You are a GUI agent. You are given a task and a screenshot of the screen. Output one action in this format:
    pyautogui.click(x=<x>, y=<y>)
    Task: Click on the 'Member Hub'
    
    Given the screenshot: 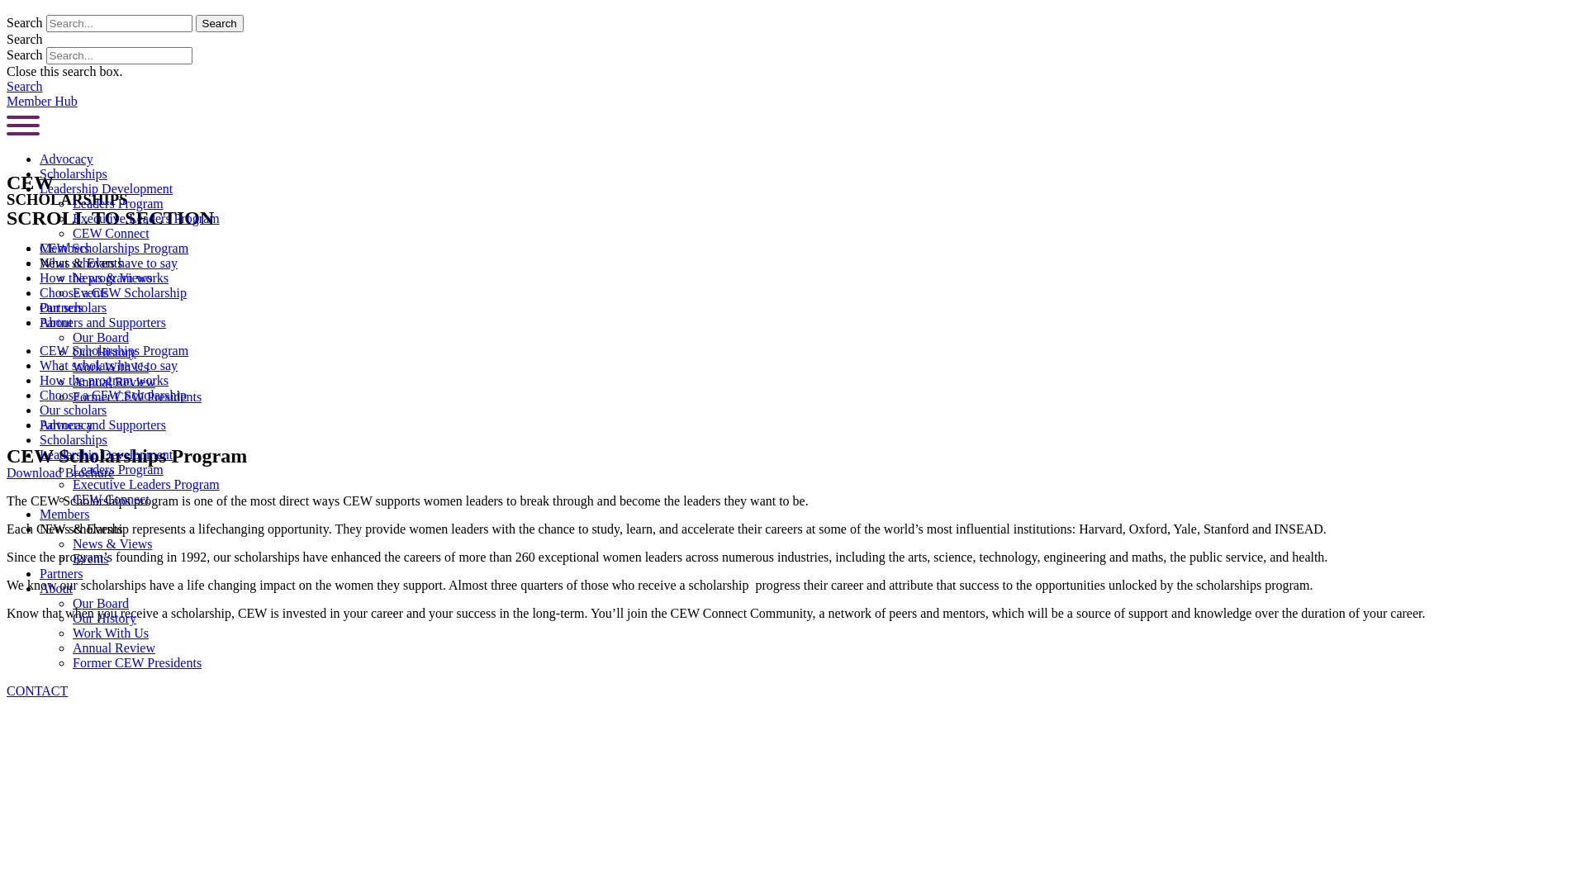 What is the action you would take?
    pyautogui.click(x=42, y=101)
    